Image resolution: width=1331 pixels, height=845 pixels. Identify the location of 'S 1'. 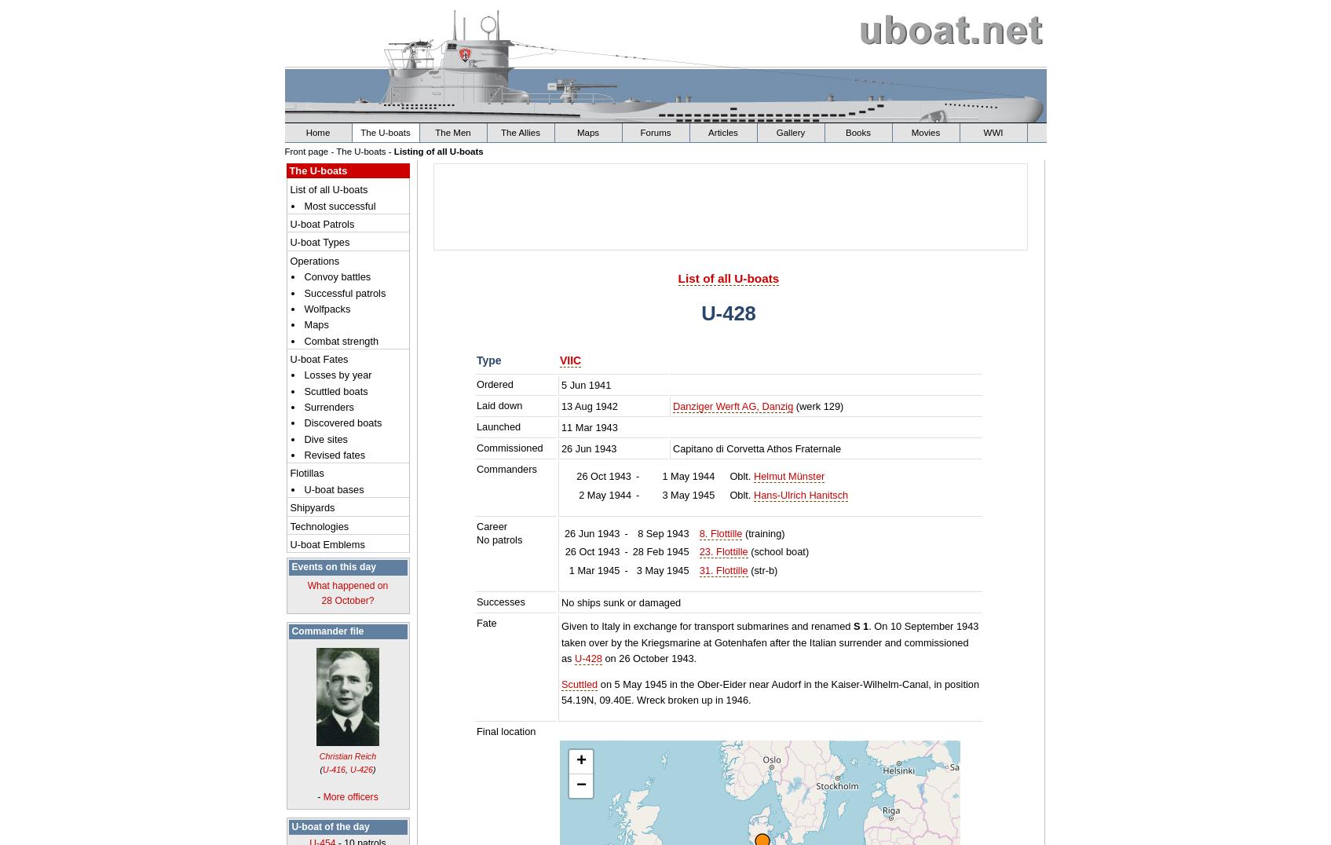
(861, 626).